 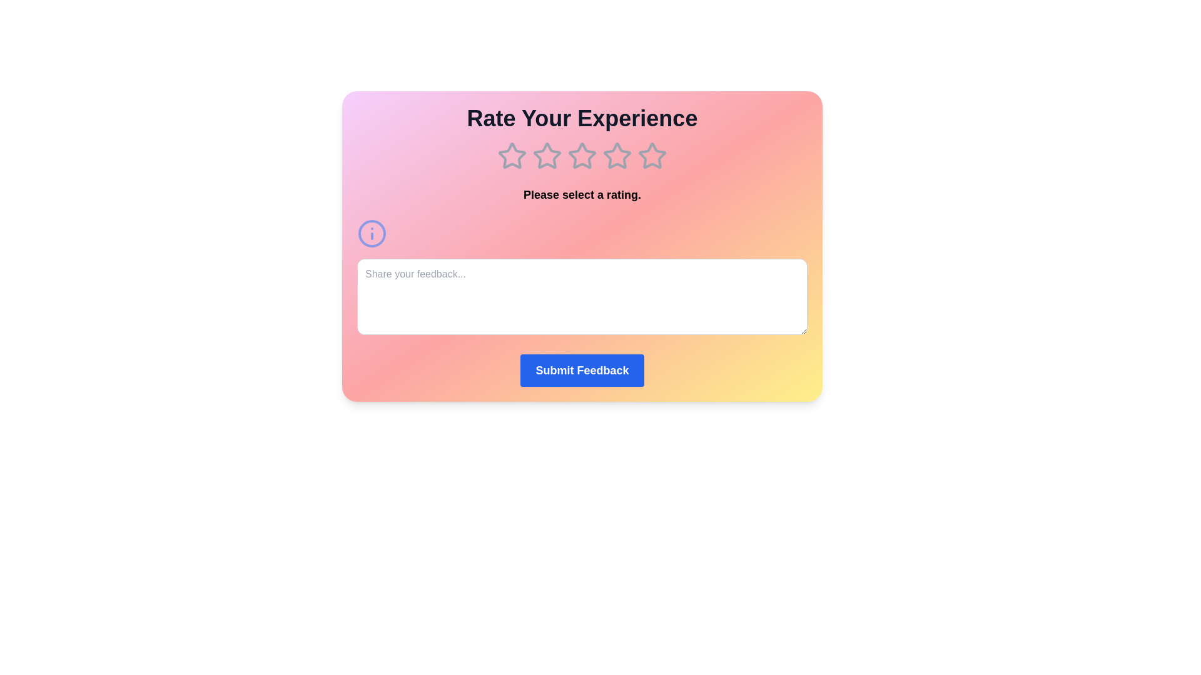 I want to click on the 3 star in the rating component, so click(x=582, y=156).